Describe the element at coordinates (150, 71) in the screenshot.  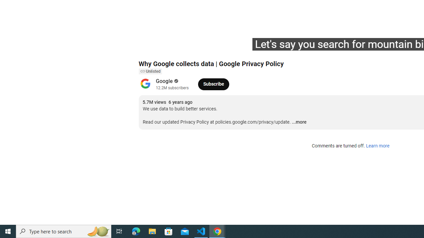
I see `'Unlisted'` at that location.